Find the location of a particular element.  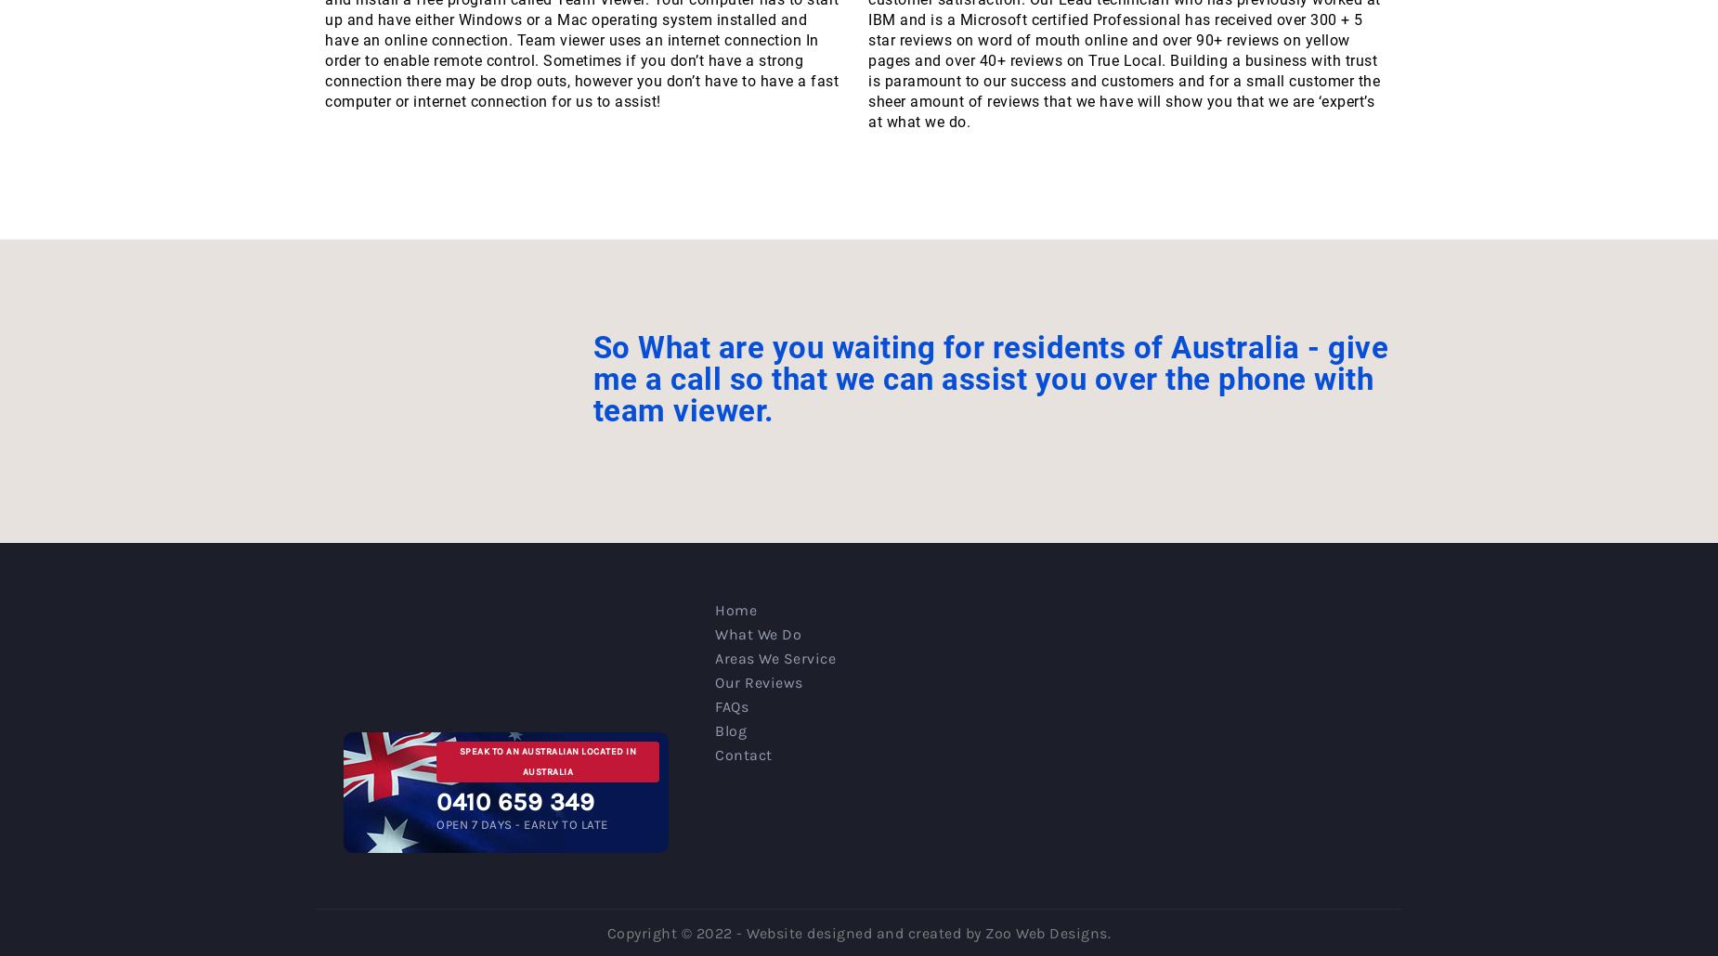

'FAQs' is located at coordinates (714, 705).